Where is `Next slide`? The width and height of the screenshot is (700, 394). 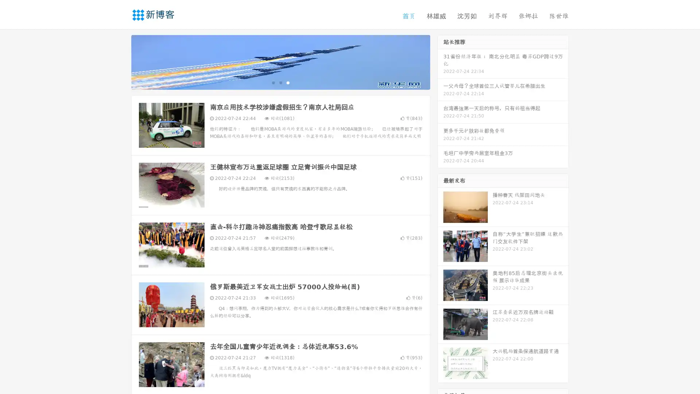 Next slide is located at coordinates (440, 61).